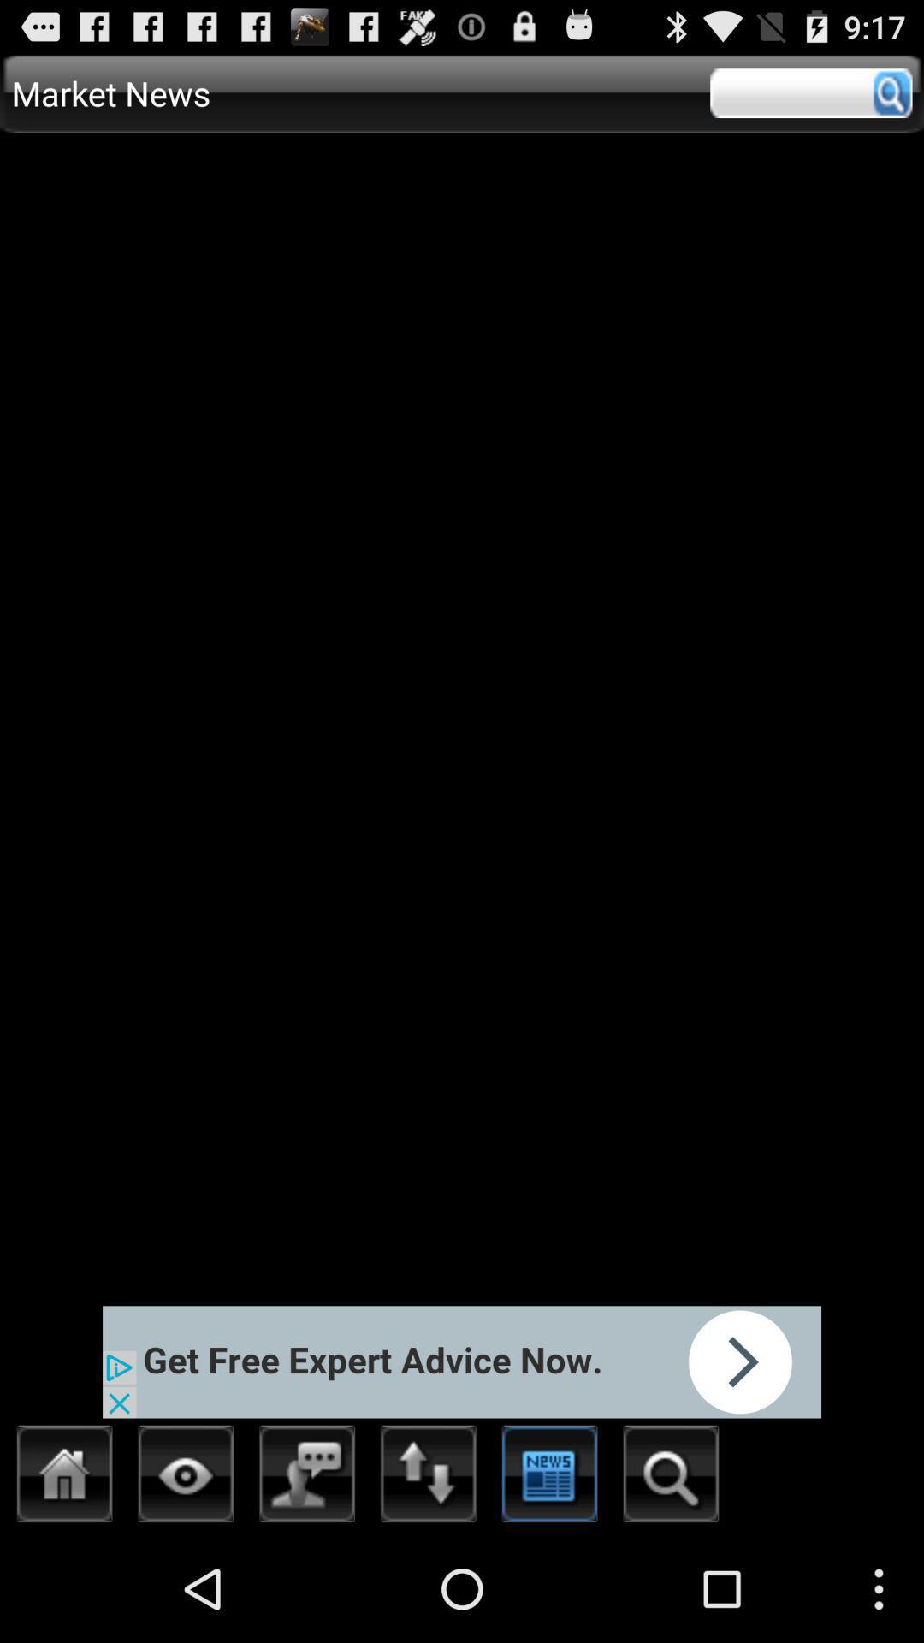 This screenshot has width=924, height=1643. I want to click on the visibility icon, so click(186, 1581).